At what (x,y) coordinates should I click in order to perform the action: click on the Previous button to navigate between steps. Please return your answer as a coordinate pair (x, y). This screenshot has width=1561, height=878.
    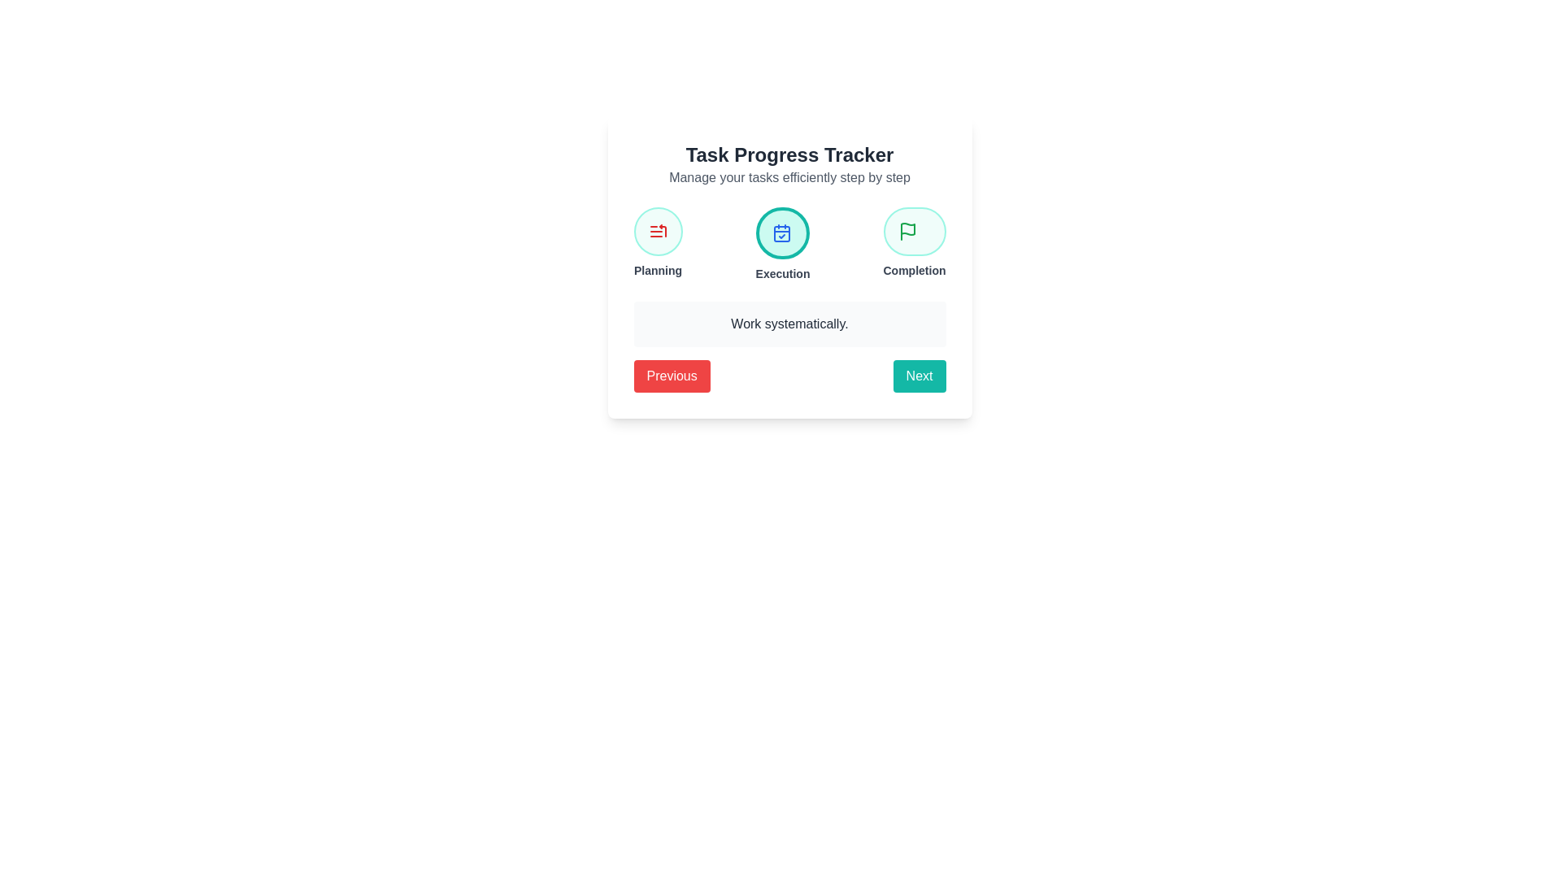
    Looking at the image, I should click on (672, 376).